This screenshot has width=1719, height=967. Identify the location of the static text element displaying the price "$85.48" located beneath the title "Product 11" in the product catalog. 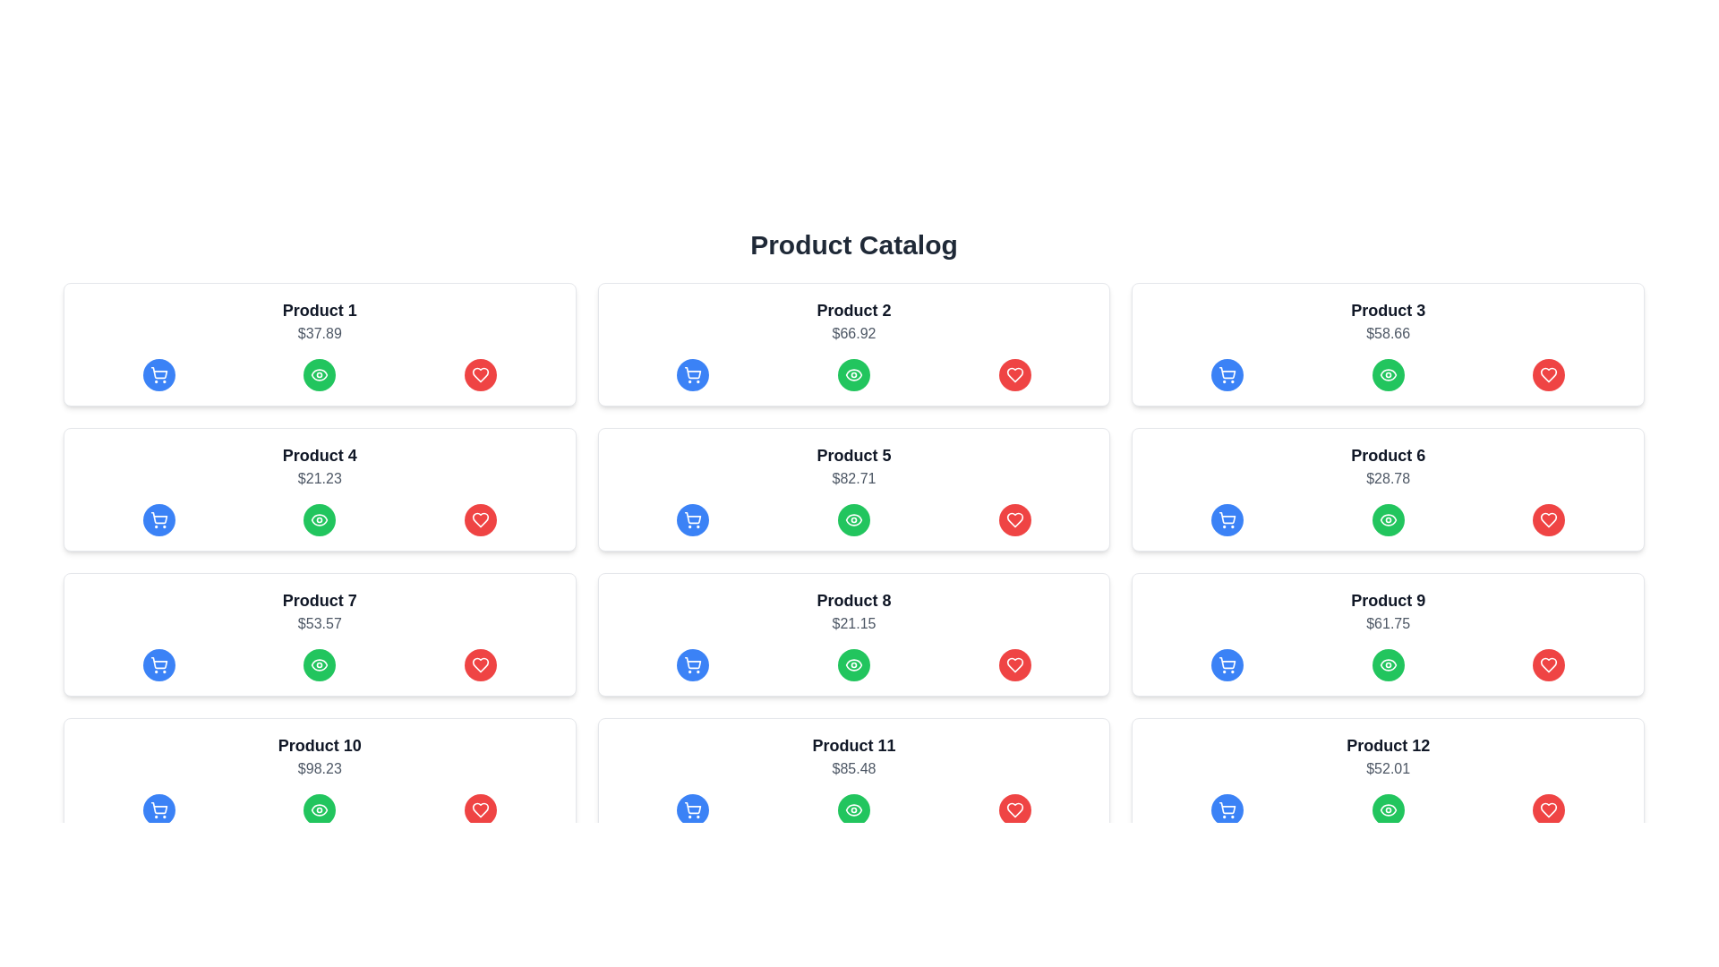
(853, 768).